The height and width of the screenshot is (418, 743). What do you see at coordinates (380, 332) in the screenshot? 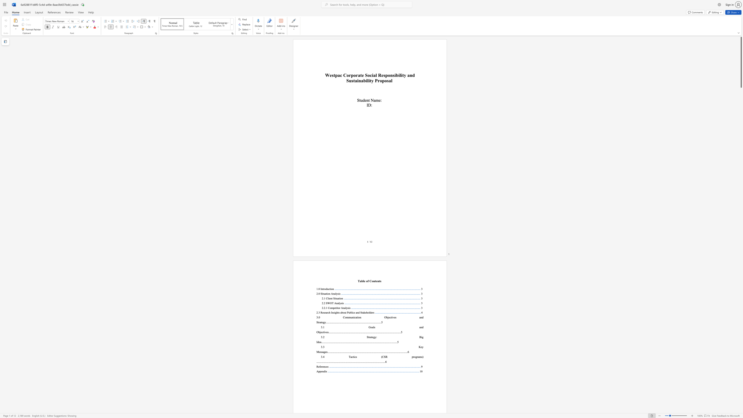
I see `the 74th character "." in the text` at bounding box center [380, 332].